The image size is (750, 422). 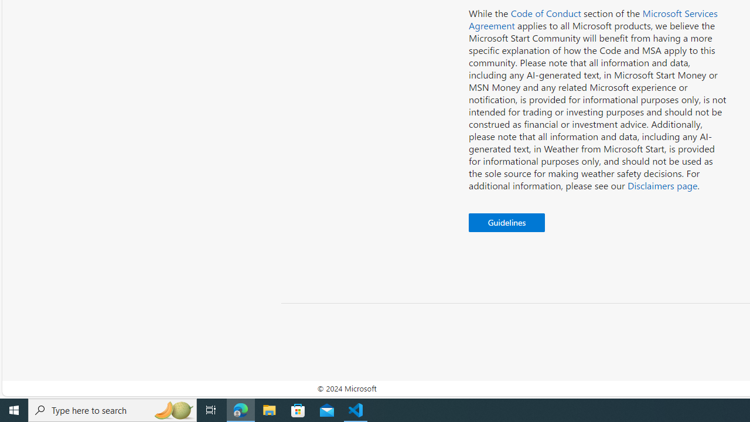 What do you see at coordinates (507, 223) in the screenshot?
I see `'Guidelines '` at bounding box center [507, 223].